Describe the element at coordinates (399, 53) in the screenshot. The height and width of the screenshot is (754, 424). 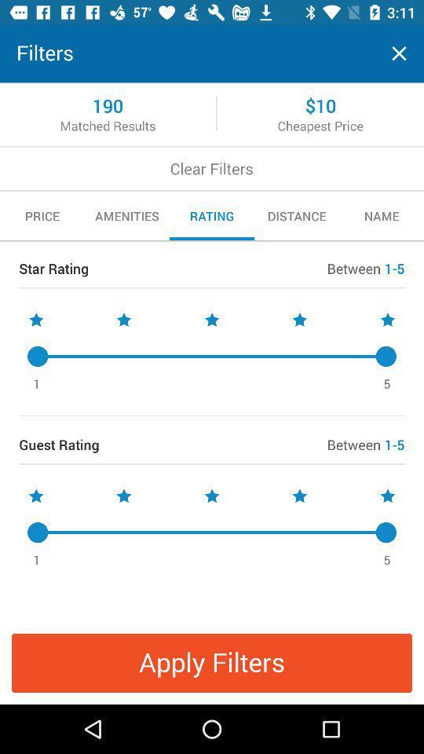
I see `window` at that location.